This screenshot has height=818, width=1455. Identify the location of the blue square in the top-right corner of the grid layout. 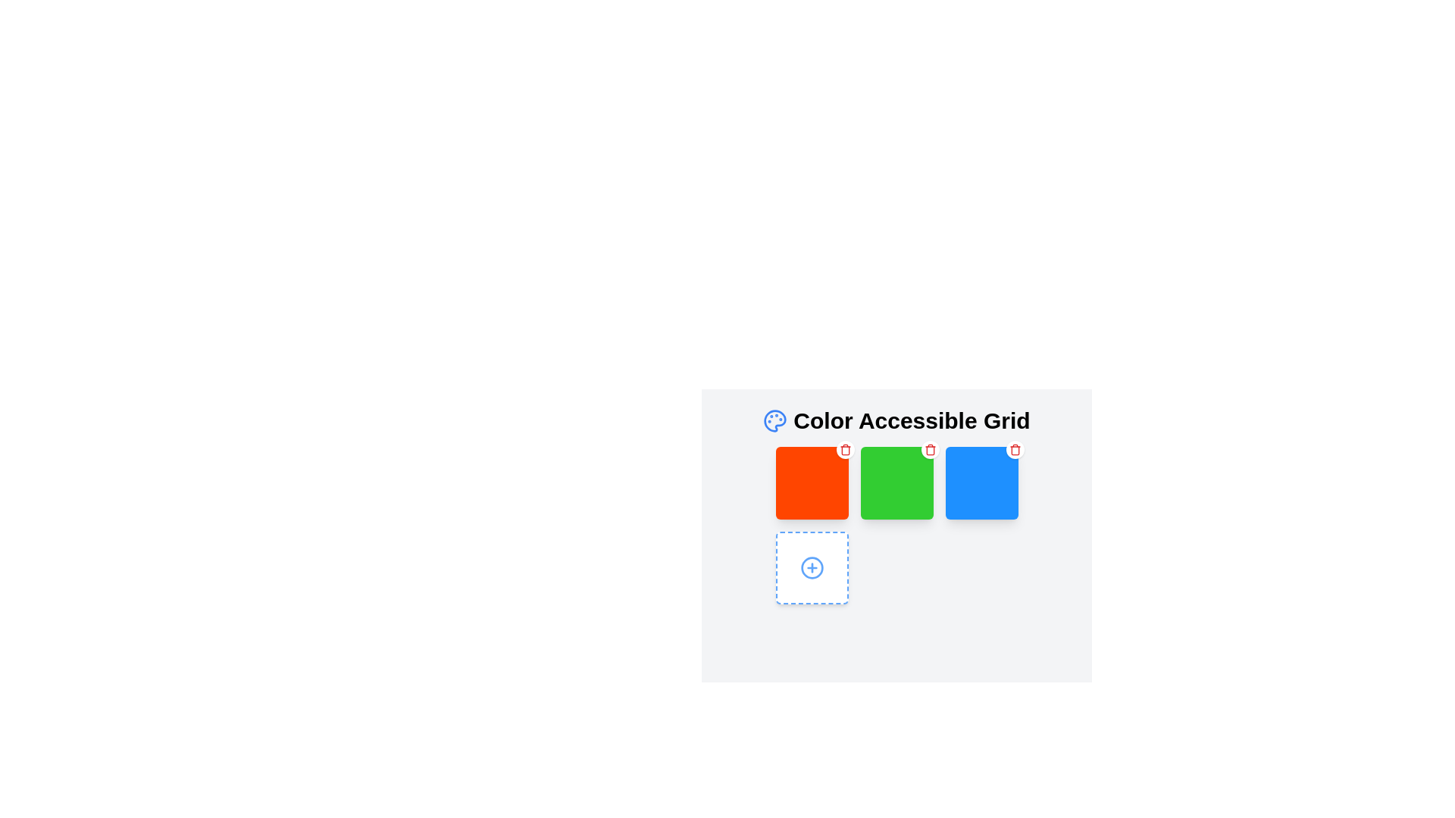
(981, 482).